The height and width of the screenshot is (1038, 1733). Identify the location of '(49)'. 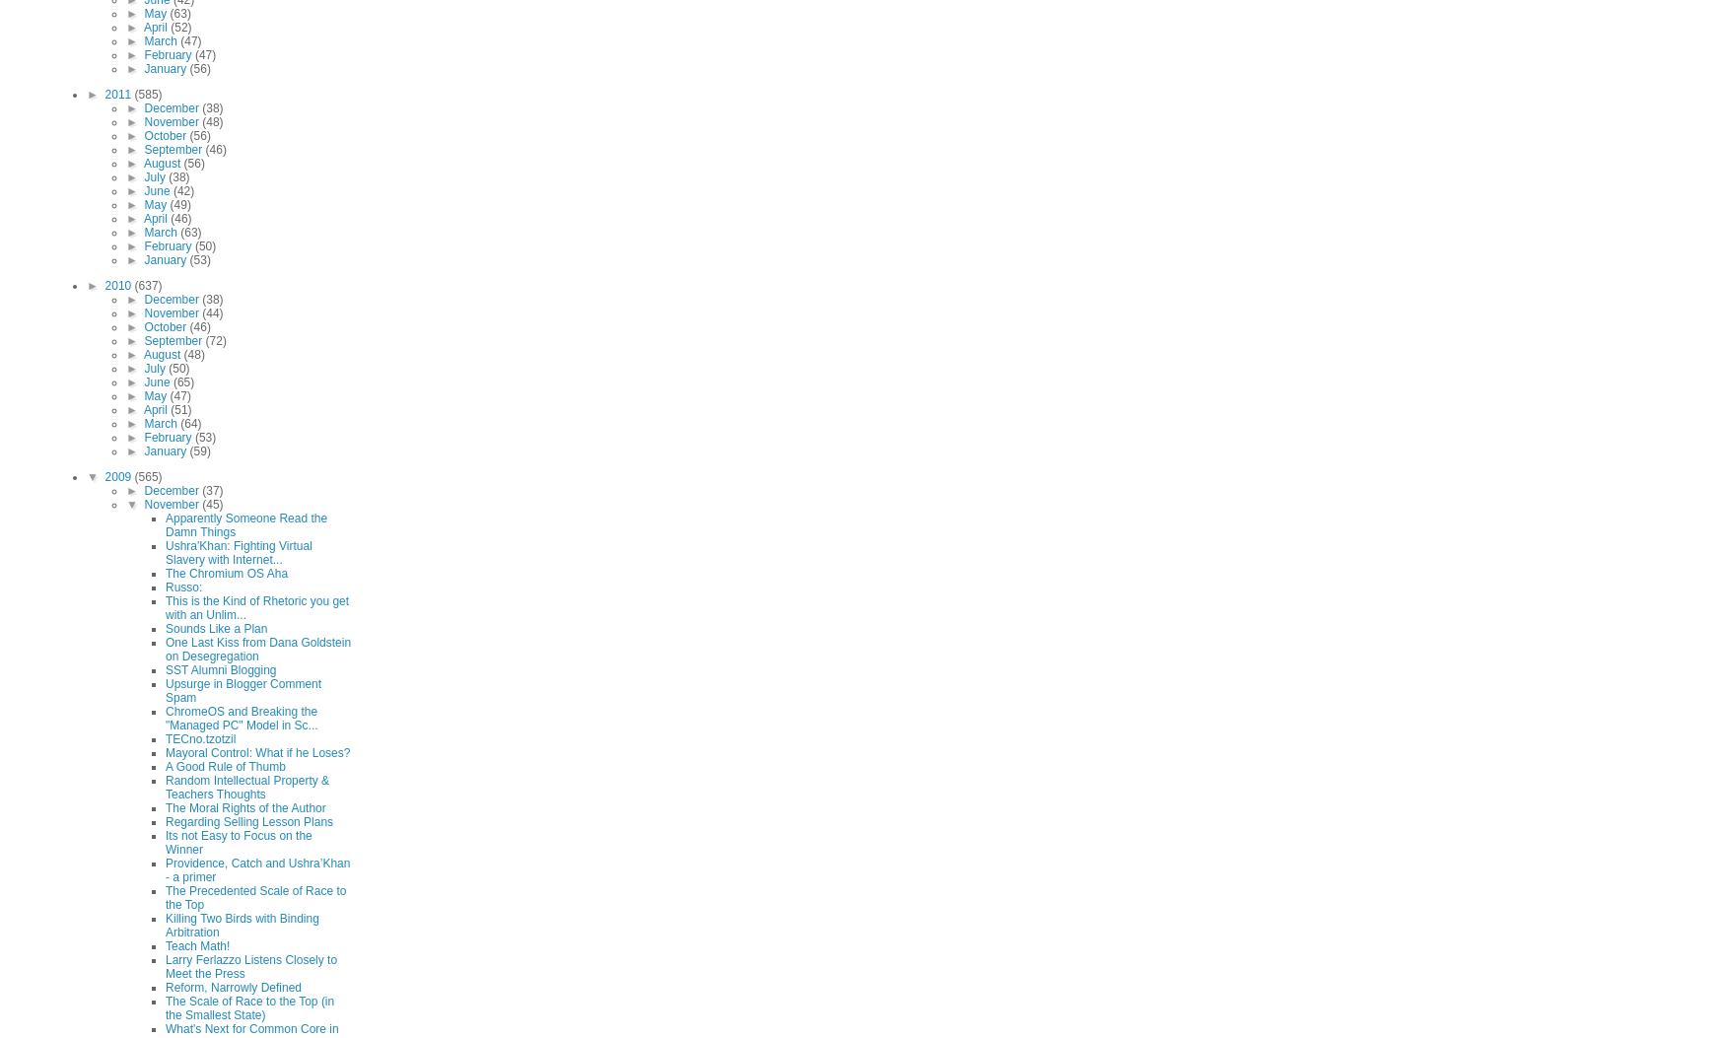
(178, 204).